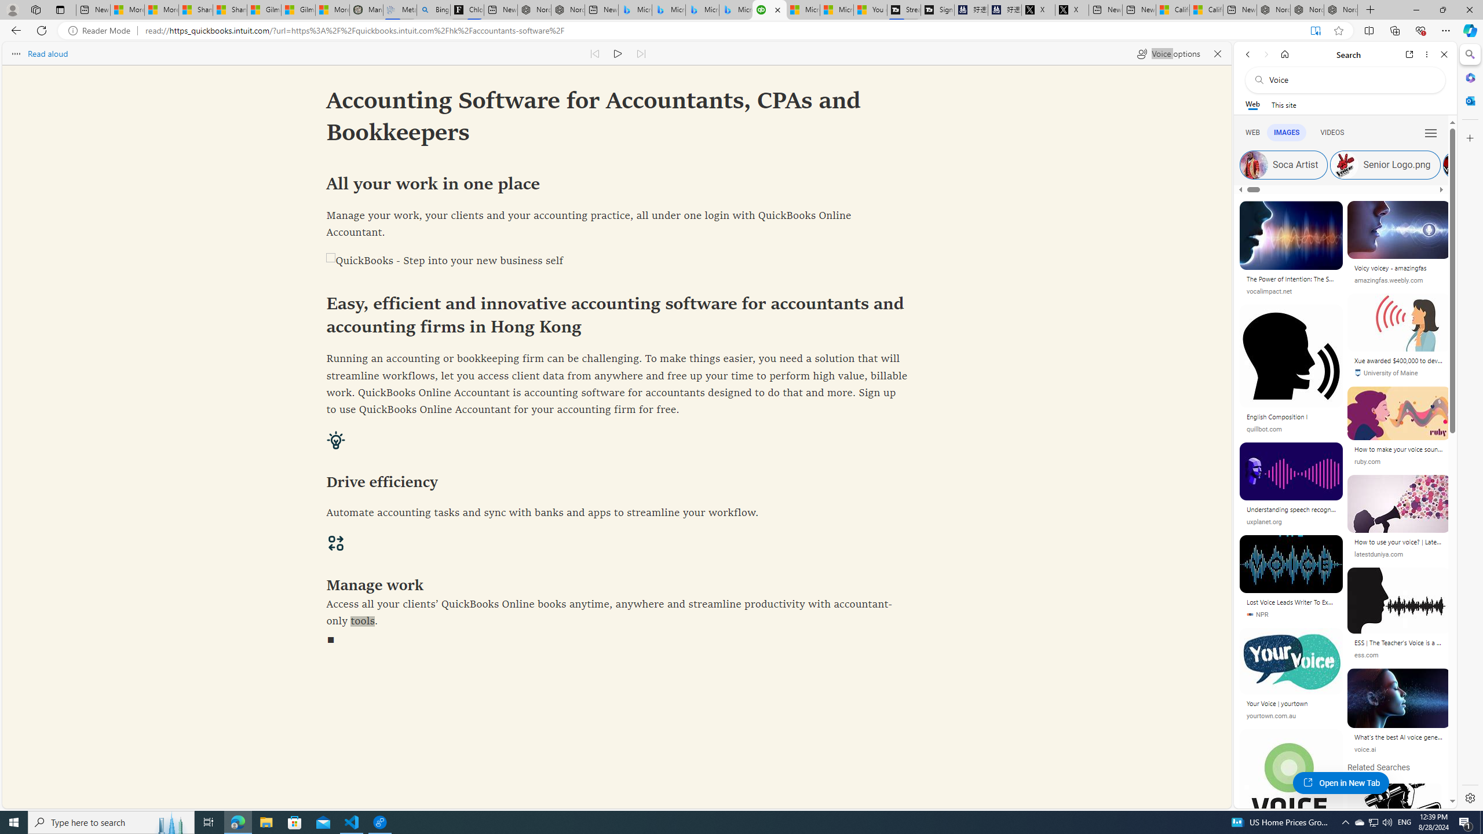 This screenshot has width=1483, height=834. What do you see at coordinates (1469, 797) in the screenshot?
I see `'Settings'` at bounding box center [1469, 797].